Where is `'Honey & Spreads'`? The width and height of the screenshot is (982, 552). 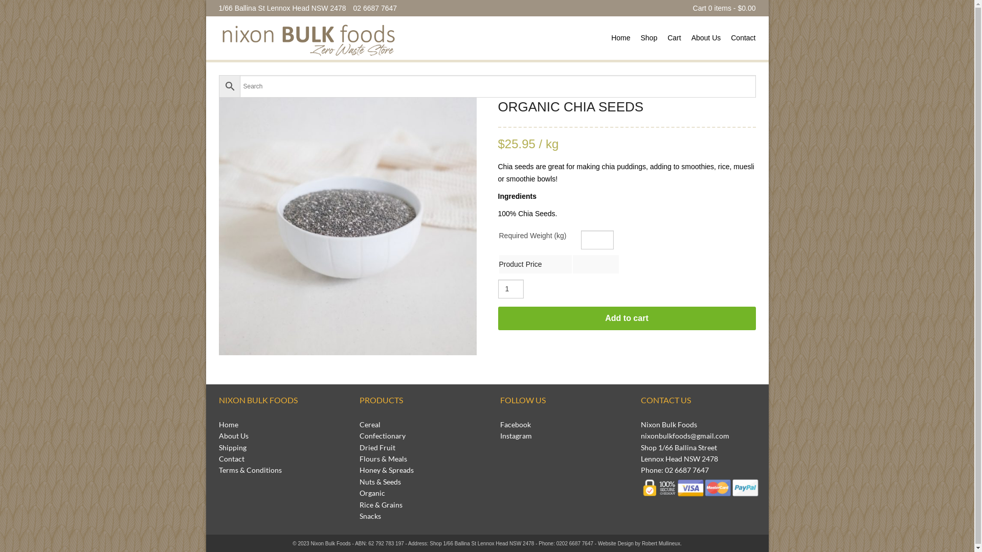
'Honey & Spreads' is located at coordinates (385, 470).